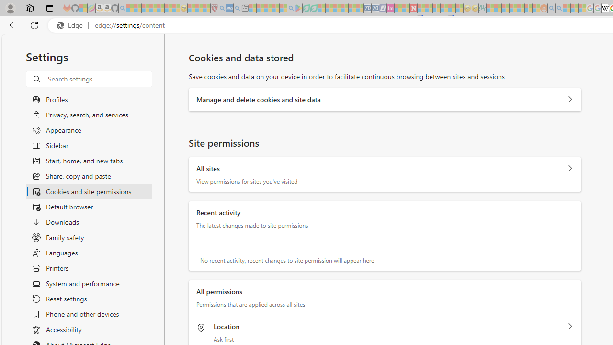 Image resolution: width=613 pixels, height=345 pixels. Describe the element at coordinates (160, 8) in the screenshot. I see `'New Report Confirms 2023 Was Record Hot | Watch - Sleeping'` at that location.